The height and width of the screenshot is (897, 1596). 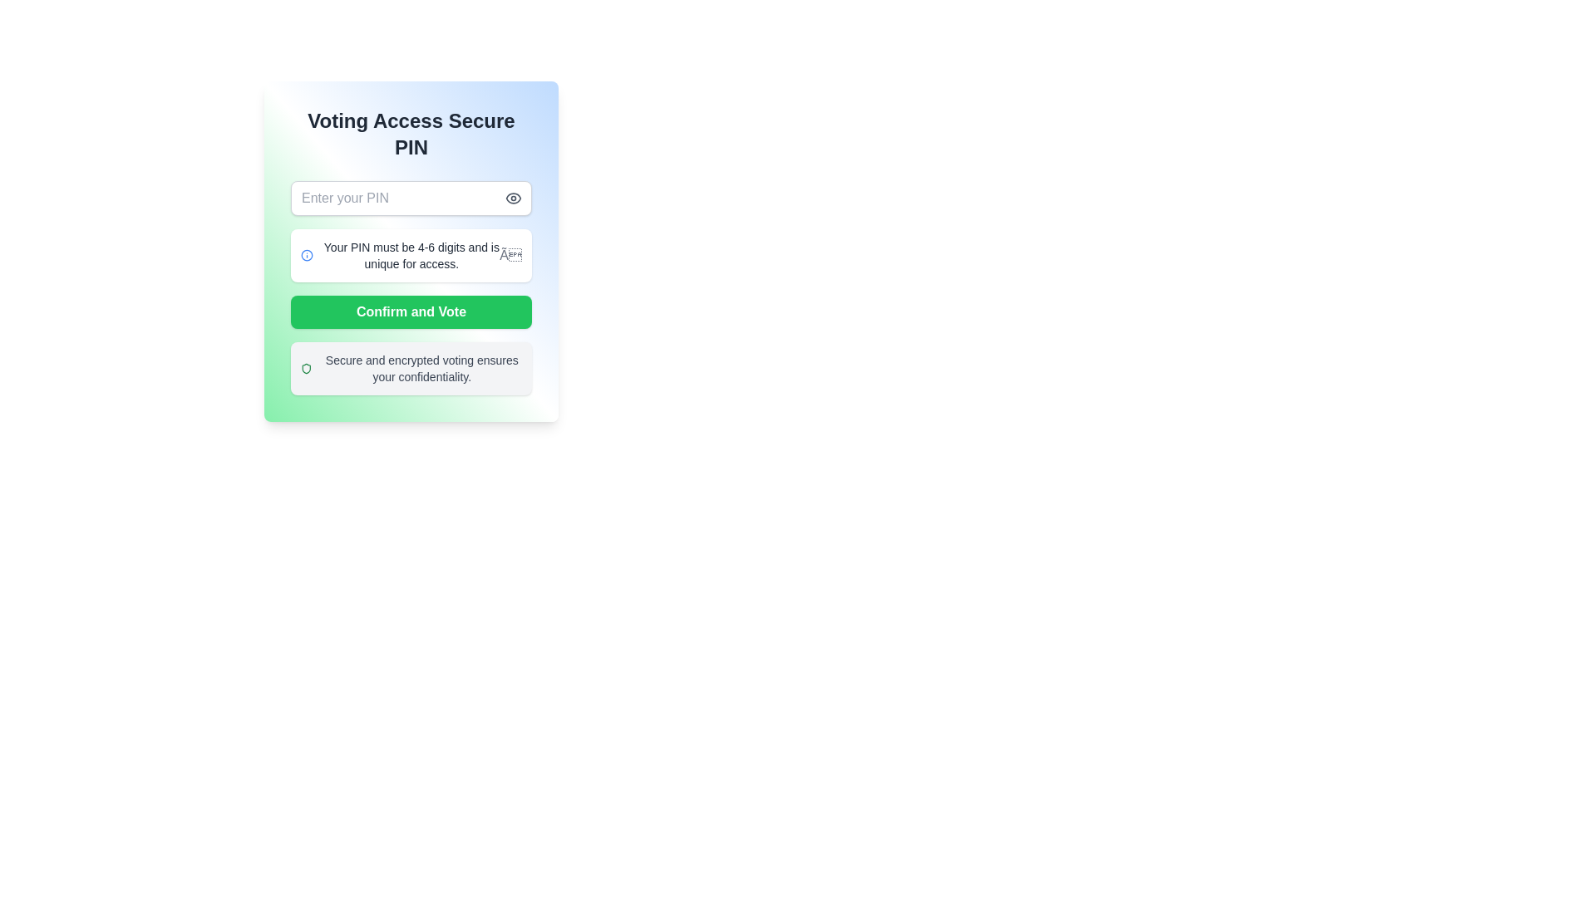 What do you see at coordinates (411, 367) in the screenshot?
I see `the informational text element that provides context about the security aspects of the voting process, located below the 'Confirm and Vote' button` at bounding box center [411, 367].